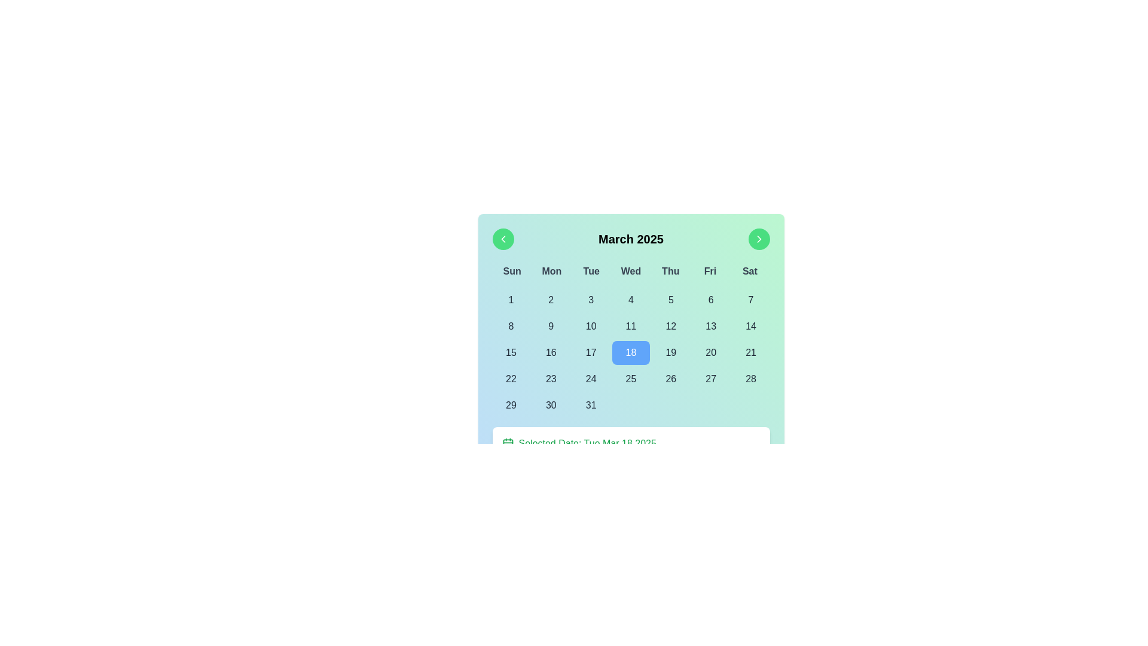  I want to click on the button displaying the number '5', so click(671, 299).